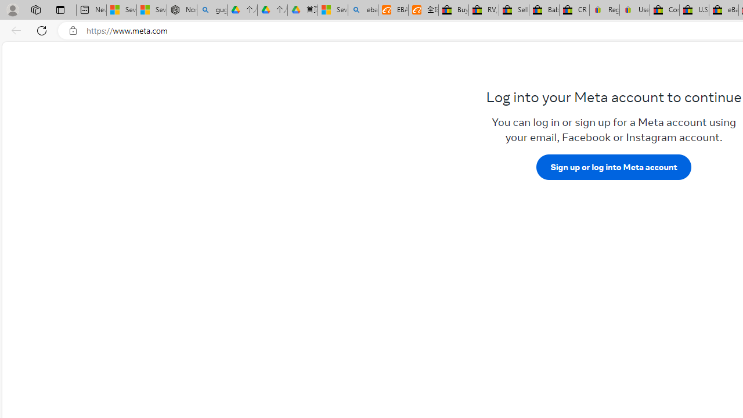  I want to click on 'ebay - Search', so click(362, 10).